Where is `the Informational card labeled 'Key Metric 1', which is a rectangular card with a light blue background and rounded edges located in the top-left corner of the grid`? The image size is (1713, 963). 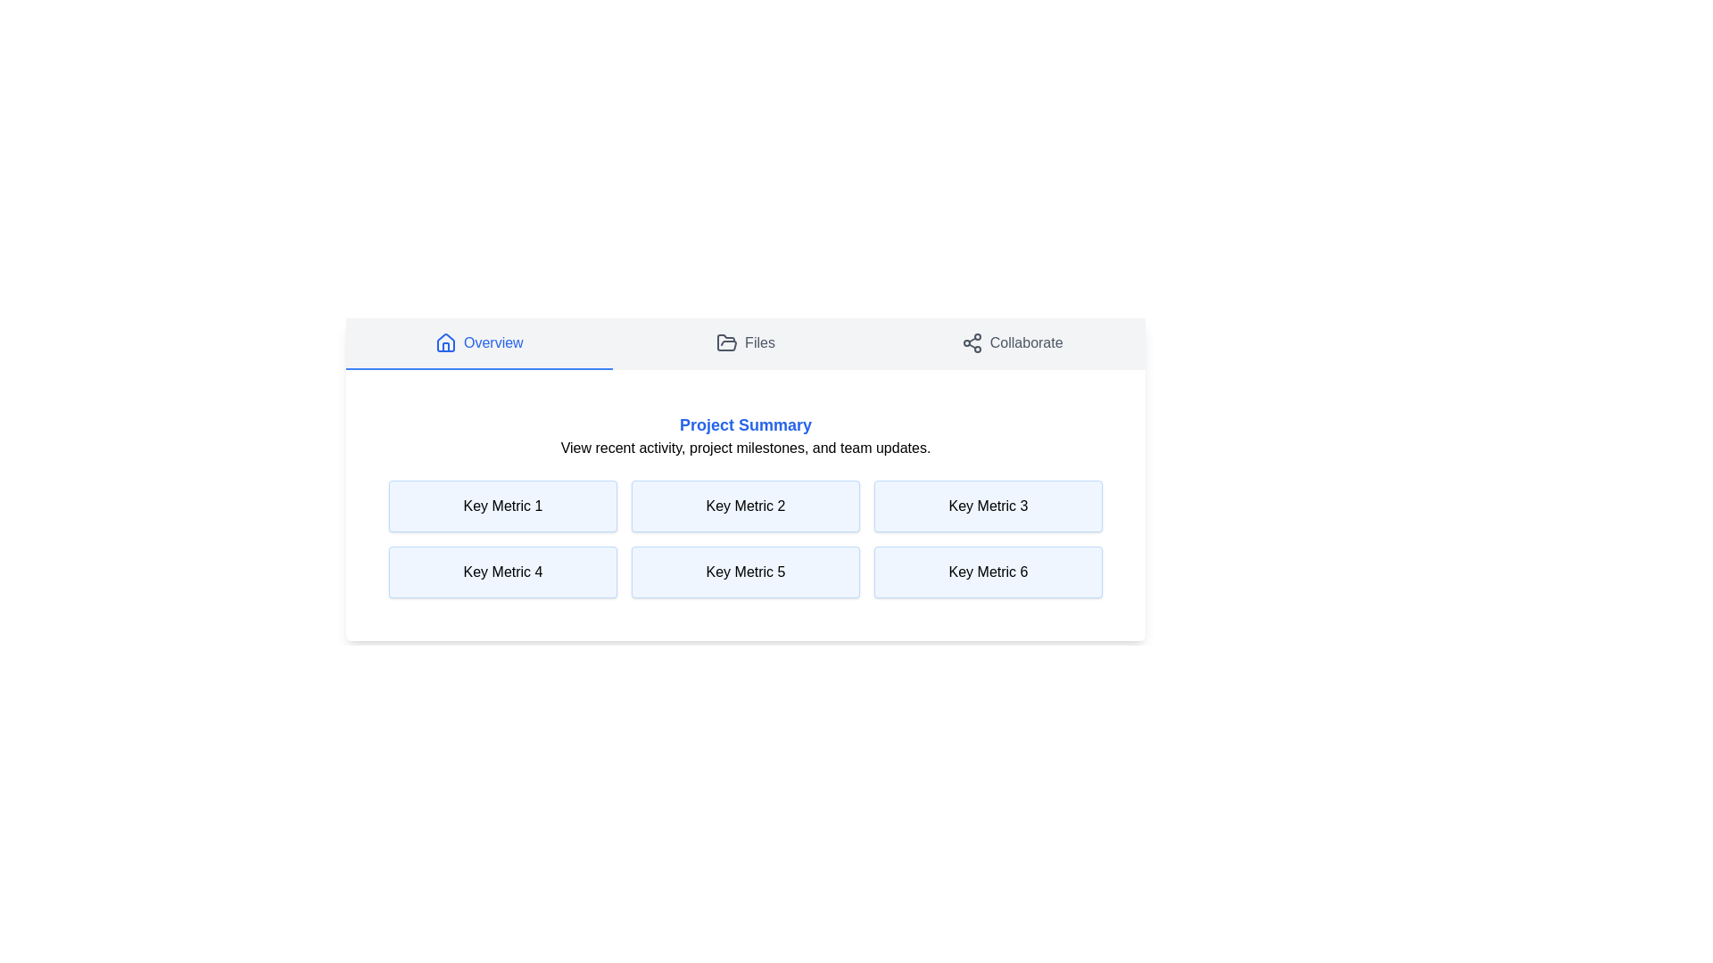
the Informational card labeled 'Key Metric 1', which is a rectangular card with a light blue background and rounded edges located in the top-left corner of the grid is located at coordinates (502, 506).